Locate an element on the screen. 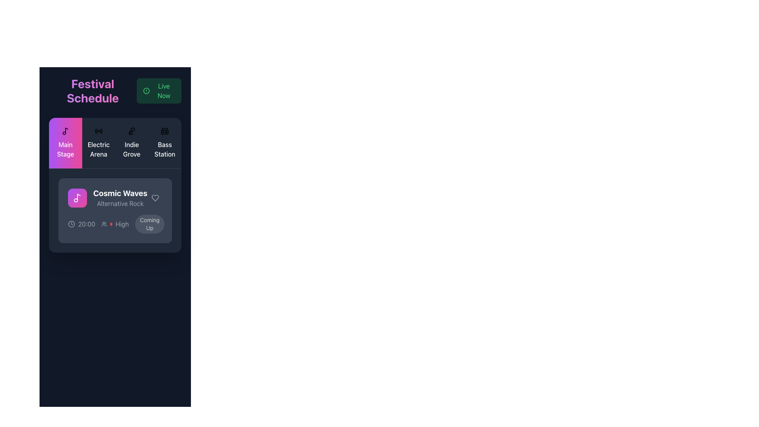 This screenshot has width=759, height=427. the event detail box titled 'Cosmic Waves' to navigate to related events by clicking on its links is located at coordinates (115, 185).